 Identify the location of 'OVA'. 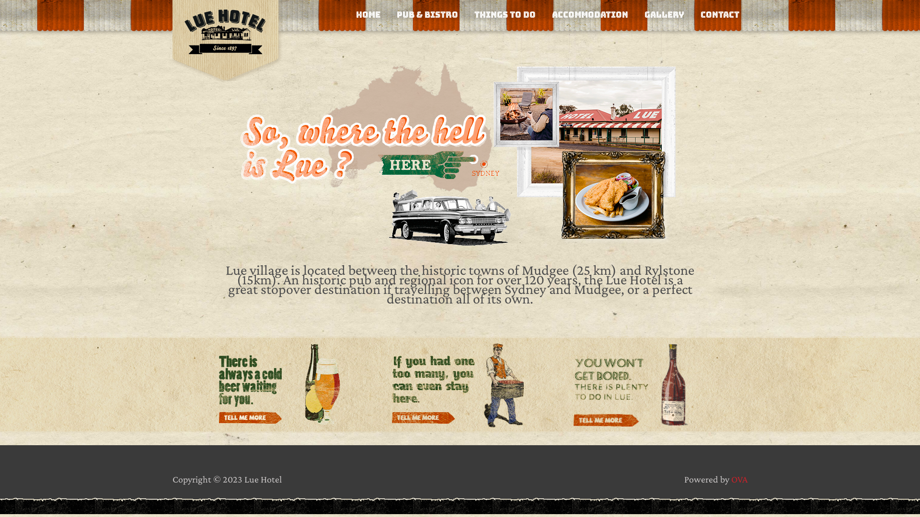
(738, 479).